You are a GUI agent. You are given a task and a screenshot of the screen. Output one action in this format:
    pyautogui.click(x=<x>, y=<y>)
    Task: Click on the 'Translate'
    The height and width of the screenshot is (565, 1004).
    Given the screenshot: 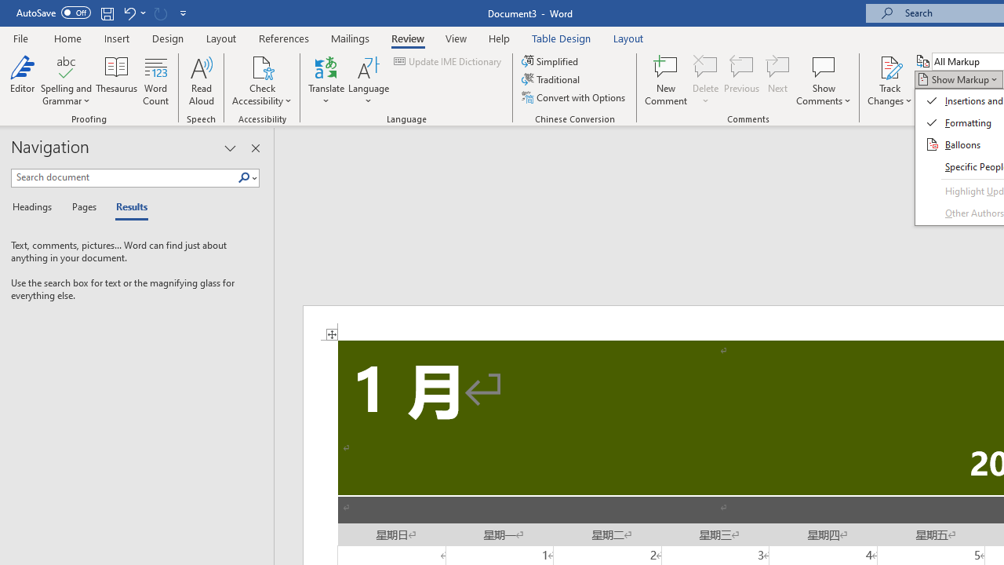 What is the action you would take?
    pyautogui.click(x=326, y=81)
    